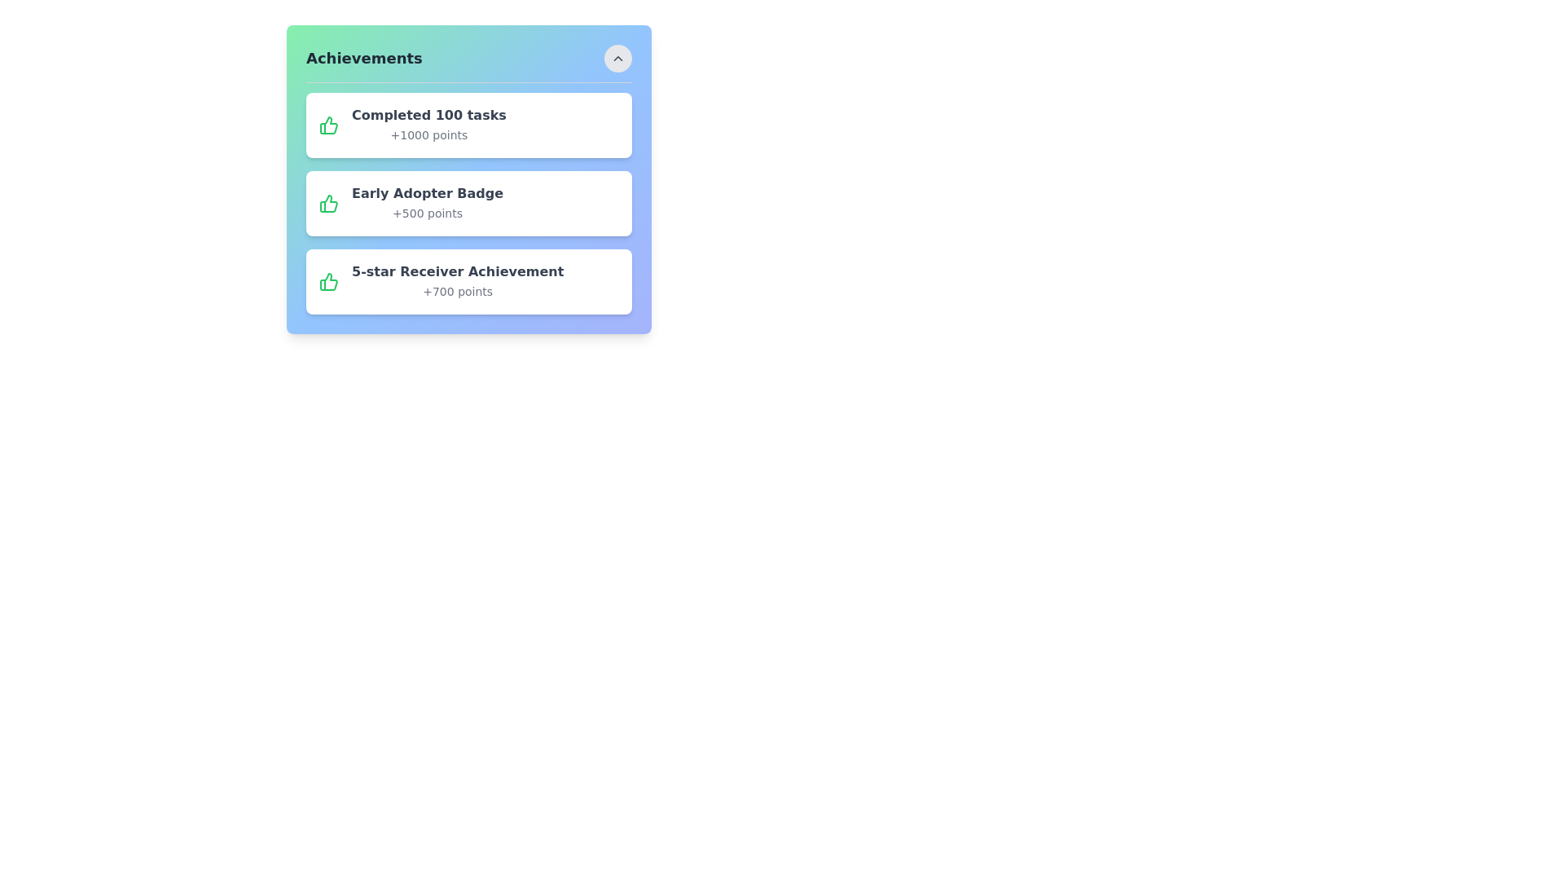 The height and width of the screenshot is (880, 1564). I want to click on the button located at the top-right corner of the 'Achievements' header, so click(617, 58).